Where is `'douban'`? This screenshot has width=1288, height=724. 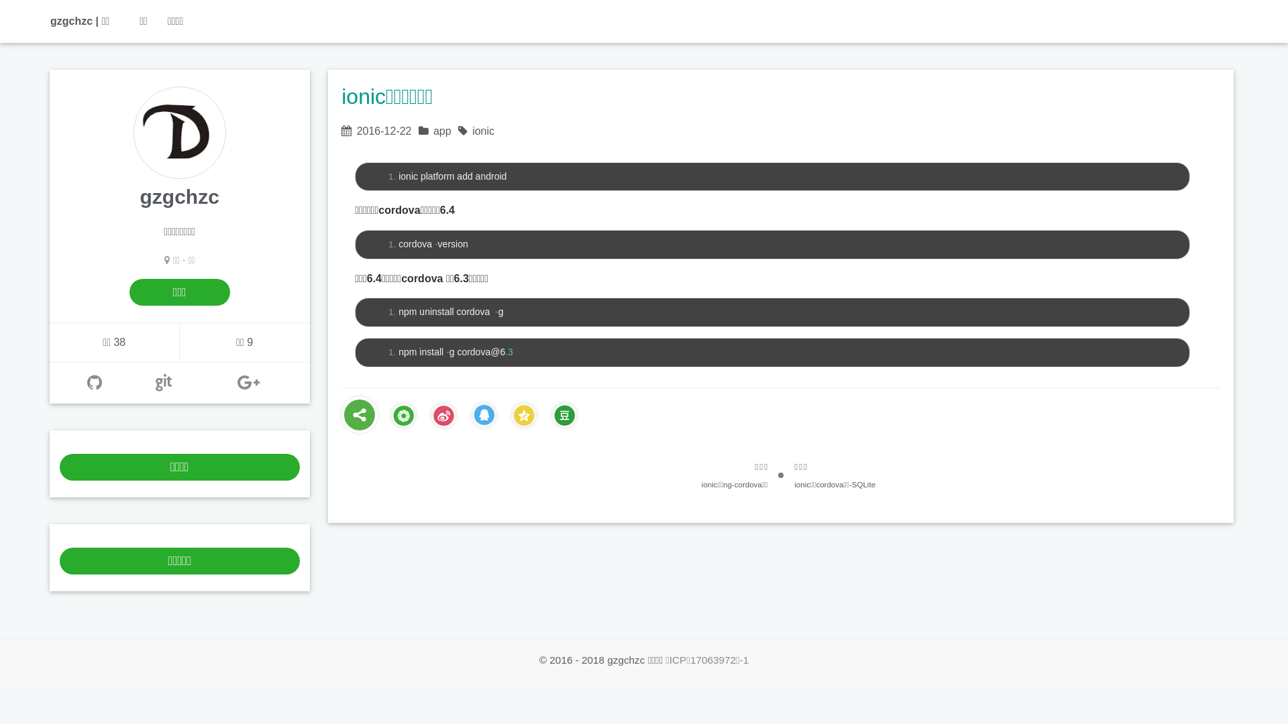
'douban' is located at coordinates (550, 414).